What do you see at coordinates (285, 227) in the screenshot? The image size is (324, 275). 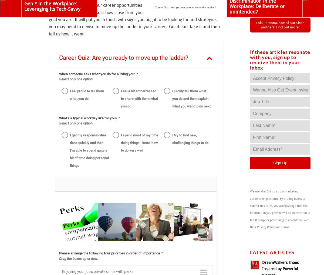 I see `'Terms'` at bounding box center [285, 227].